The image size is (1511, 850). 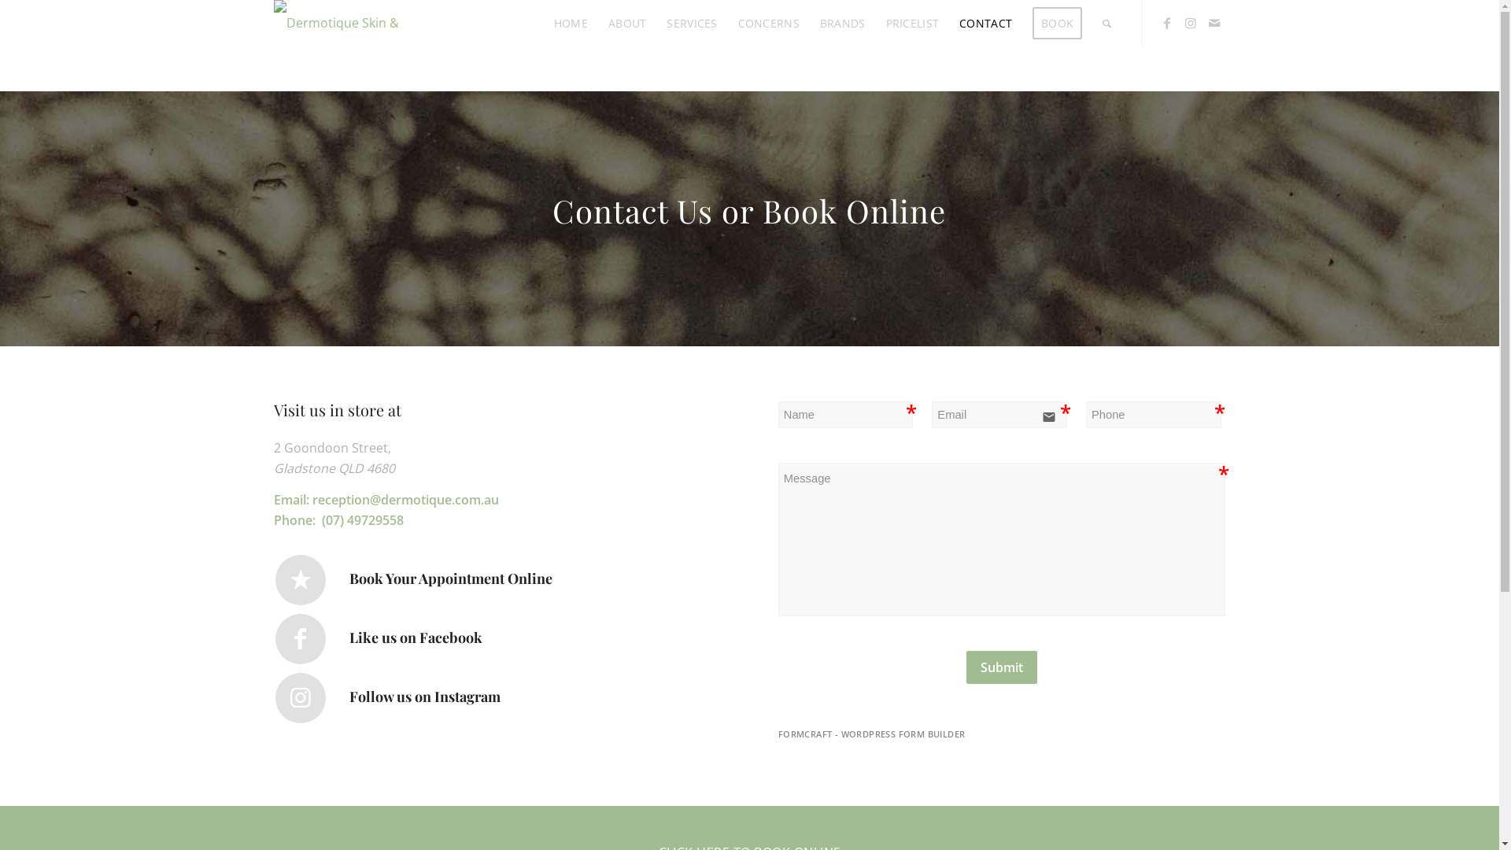 I want to click on 'Book Your Appointment Online', so click(x=449, y=578).